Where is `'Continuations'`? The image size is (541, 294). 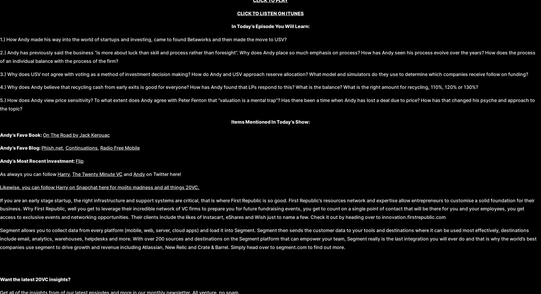 'Continuations' is located at coordinates (81, 148).